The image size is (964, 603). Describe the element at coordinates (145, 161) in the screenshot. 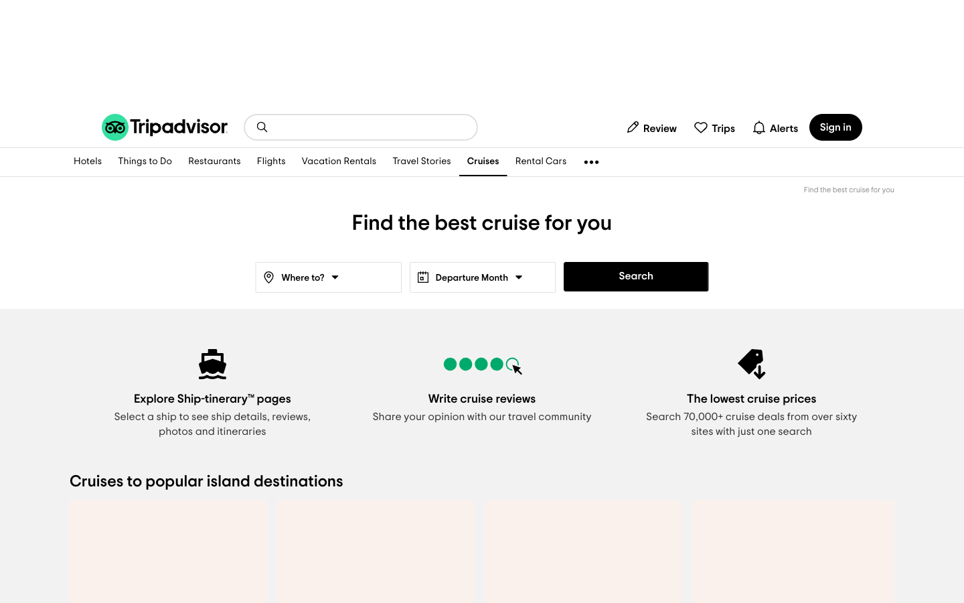

I see `out local experiences and places to visit` at that location.